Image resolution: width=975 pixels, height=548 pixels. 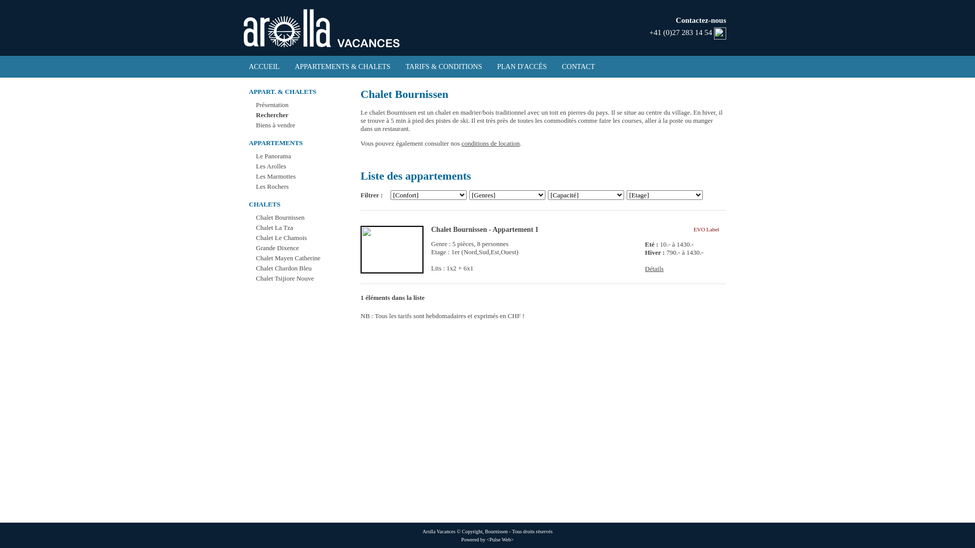 I want to click on 'Chalet Mayen Catherine', so click(x=256, y=257).